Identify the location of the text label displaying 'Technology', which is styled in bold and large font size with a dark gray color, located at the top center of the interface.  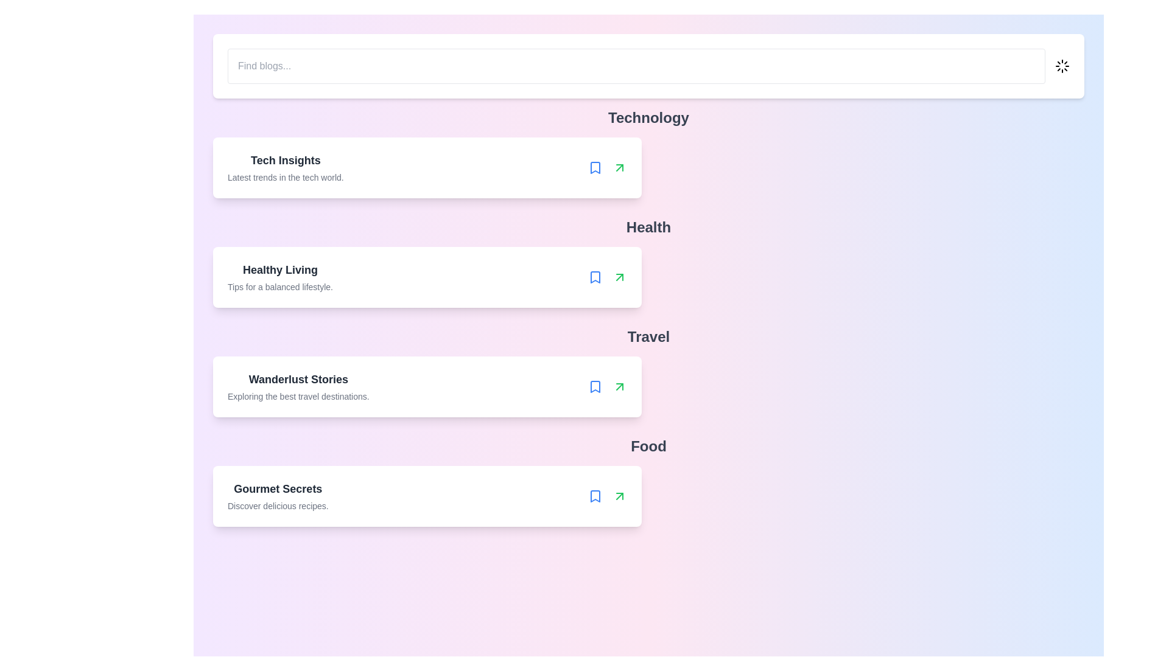
(648, 117).